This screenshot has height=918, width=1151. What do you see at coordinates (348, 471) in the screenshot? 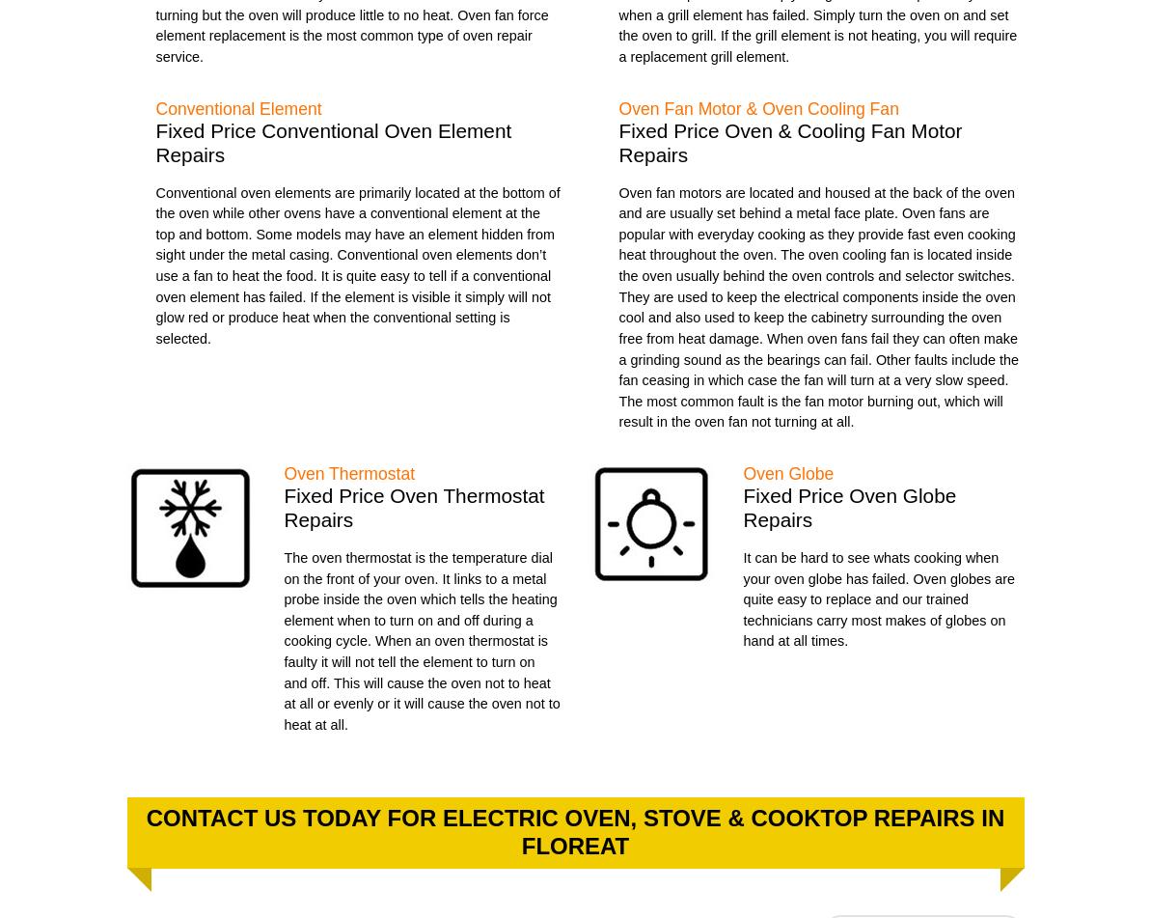
I see `'Oven Thermostat'` at bounding box center [348, 471].